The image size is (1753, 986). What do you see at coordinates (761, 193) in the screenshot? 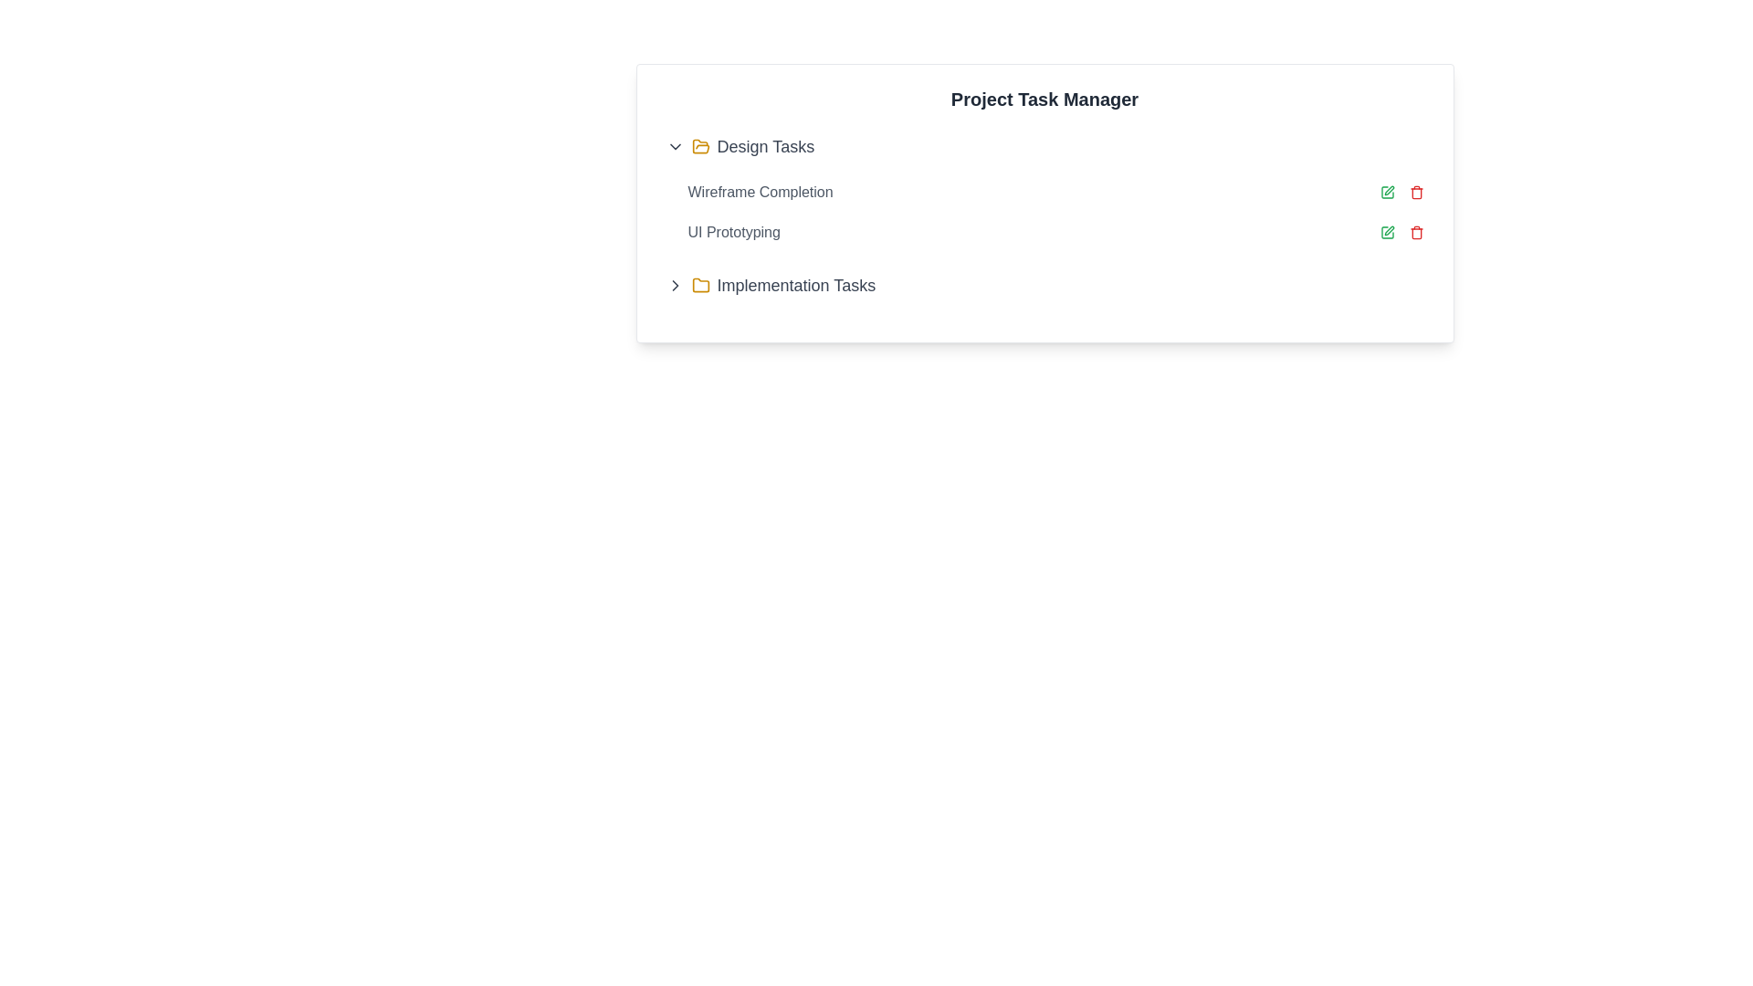
I see `the Text Label displaying 'Wireframe Completion', which is positioned below the header 'Design Tasks' and above 'UI Prototyping'` at bounding box center [761, 193].